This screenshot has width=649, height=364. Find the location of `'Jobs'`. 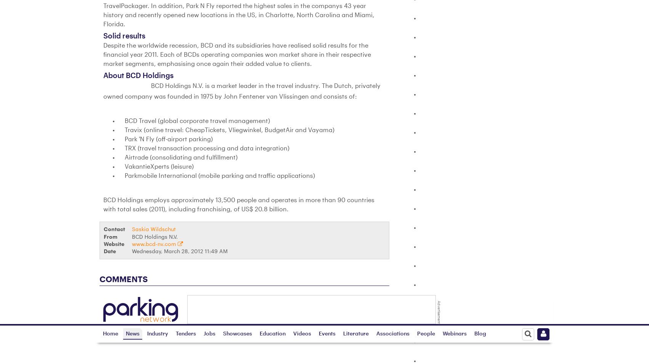

'Jobs' is located at coordinates (211, 318).